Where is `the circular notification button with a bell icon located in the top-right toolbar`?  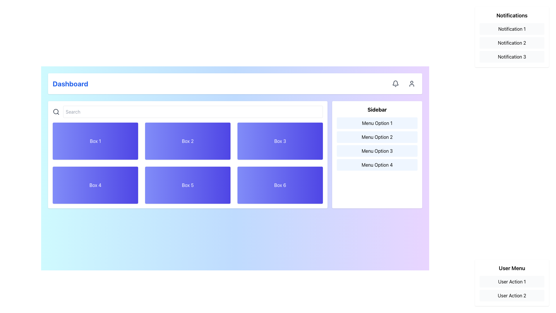
the circular notification button with a bell icon located in the top-right toolbar is located at coordinates (395, 84).